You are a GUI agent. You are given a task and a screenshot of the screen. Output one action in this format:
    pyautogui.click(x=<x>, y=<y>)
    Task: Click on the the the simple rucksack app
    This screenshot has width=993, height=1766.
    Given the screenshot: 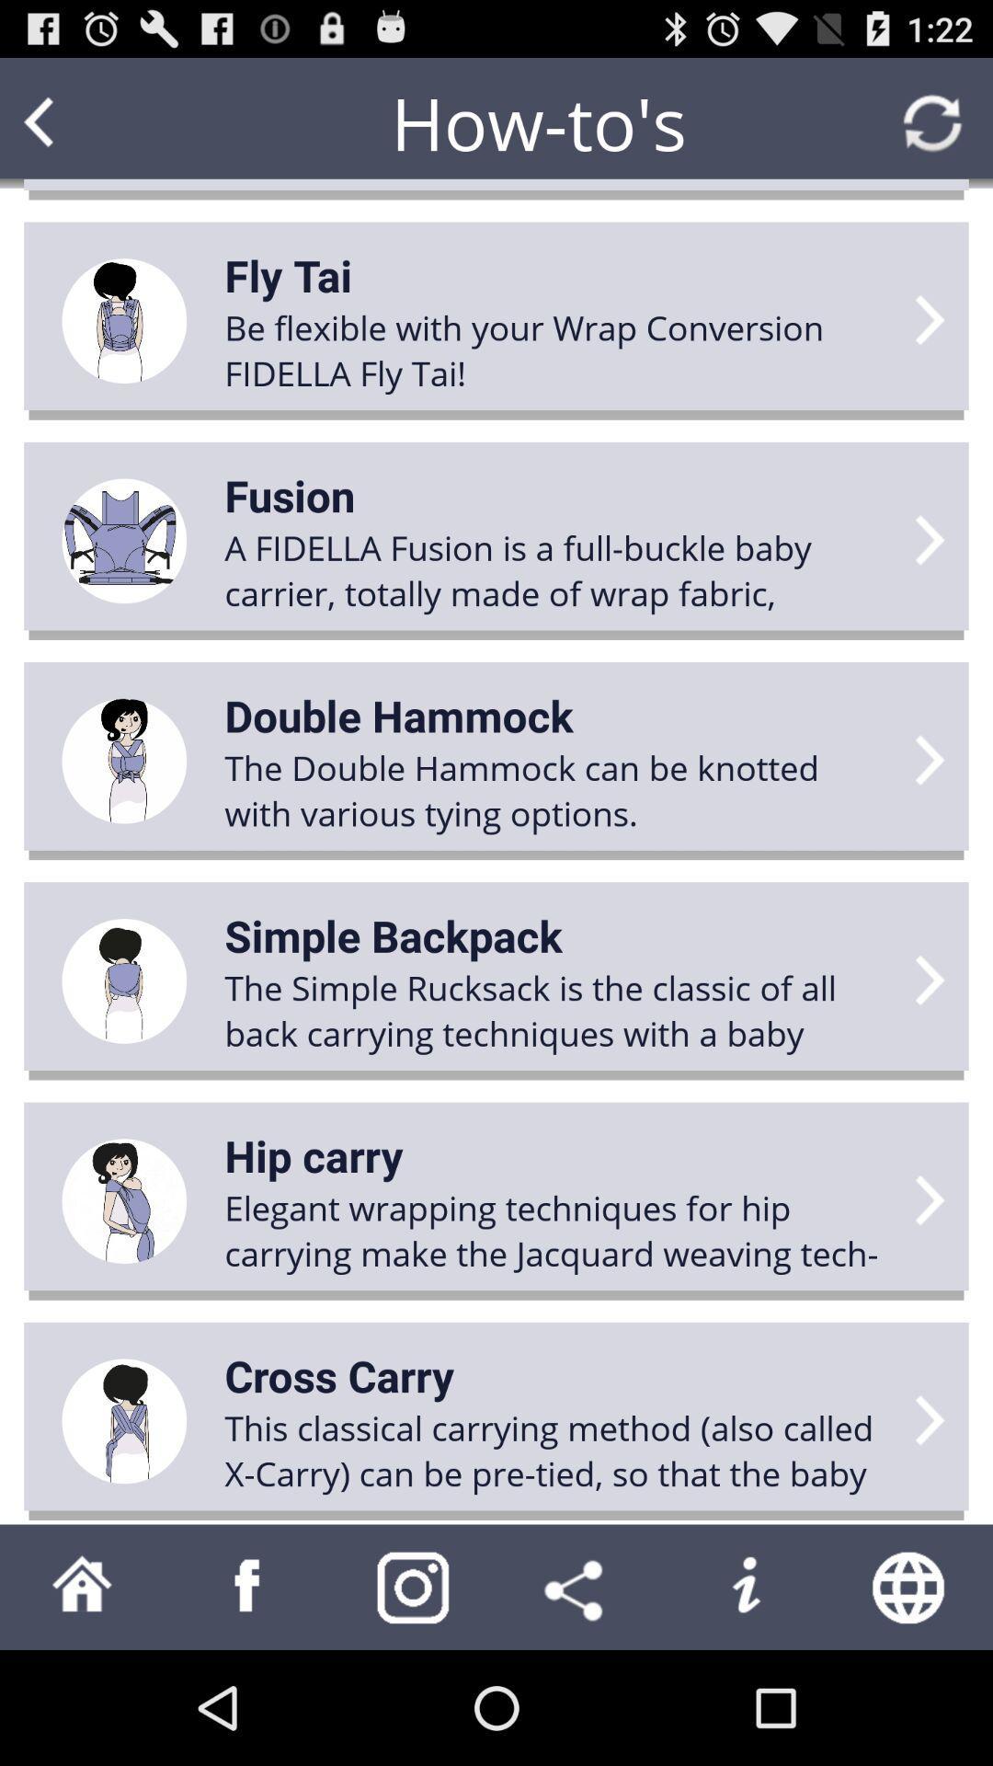 What is the action you would take?
    pyautogui.click(x=557, y=1009)
    